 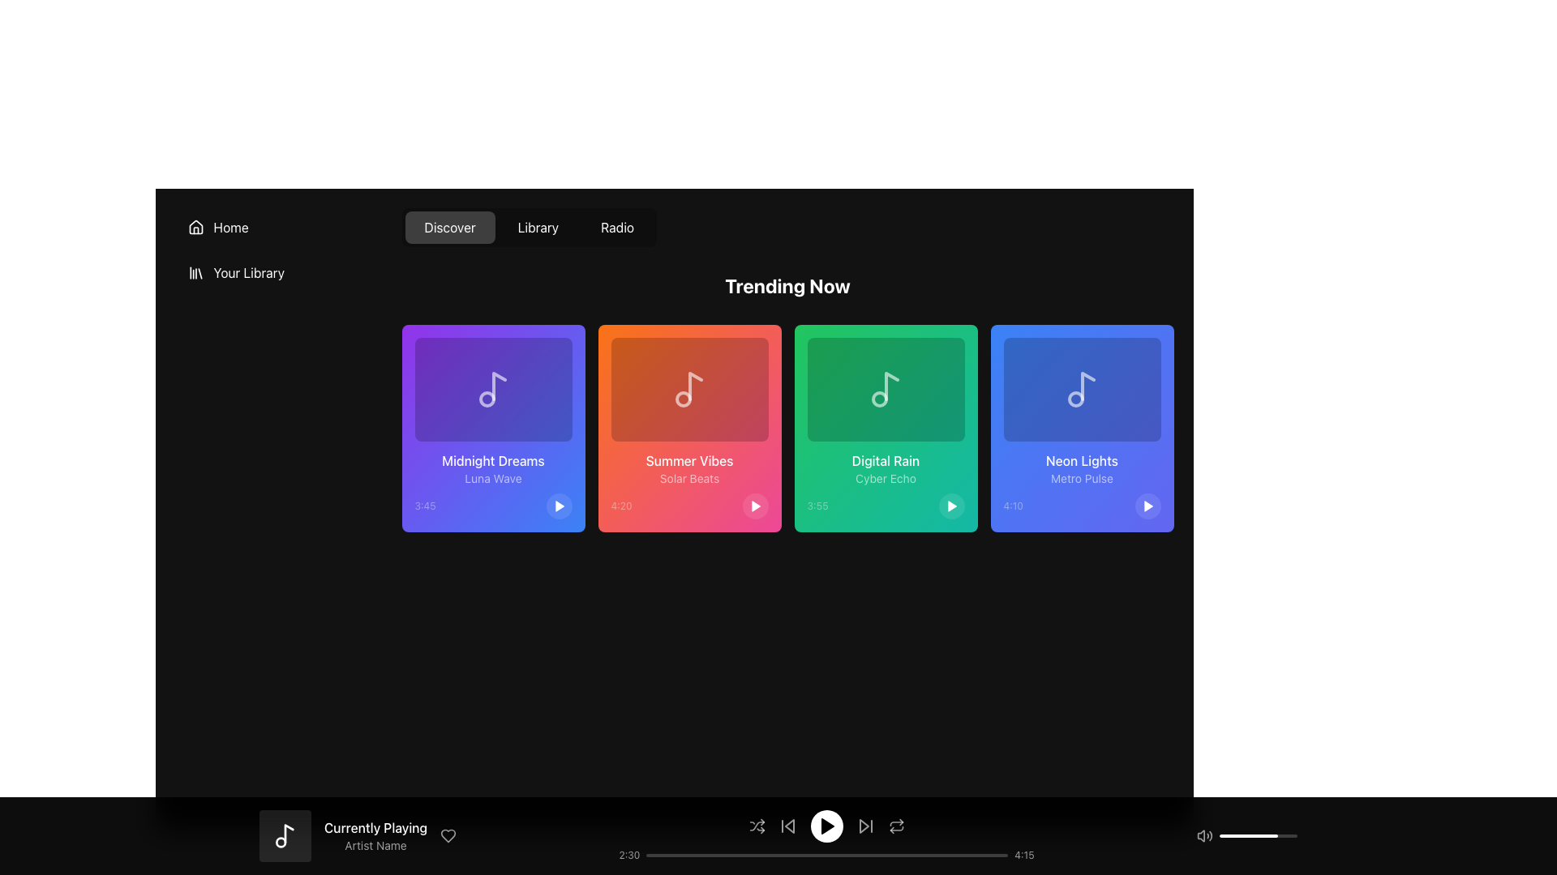 I want to click on the Play button, which is a triangular black icon within a circular white button located in the middle of the bottom playback control bar, to play the media, so click(x=826, y=826).